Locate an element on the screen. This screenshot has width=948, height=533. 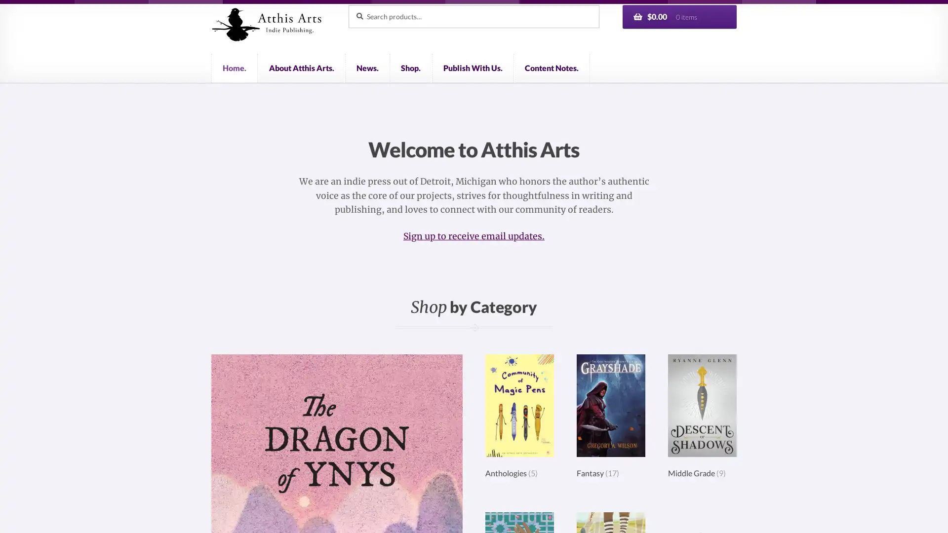
Search is located at coordinates (348, 4).